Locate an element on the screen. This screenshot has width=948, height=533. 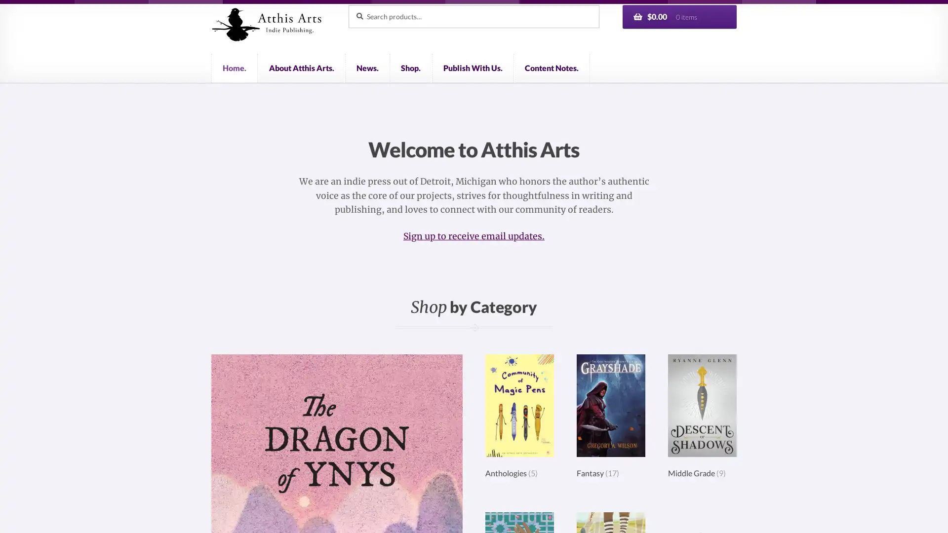
Search is located at coordinates (348, 4).